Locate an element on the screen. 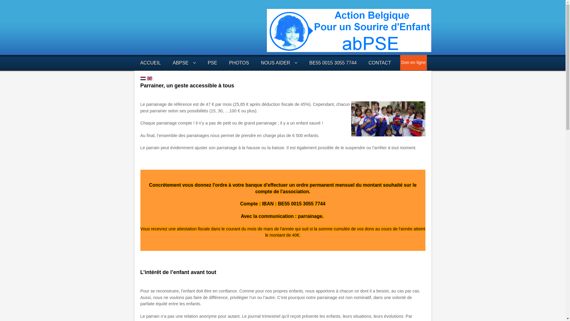 The width and height of the screenshot is (570, 321). 'BE55 0015 3055 7744' is located at coordinates (333, 63).